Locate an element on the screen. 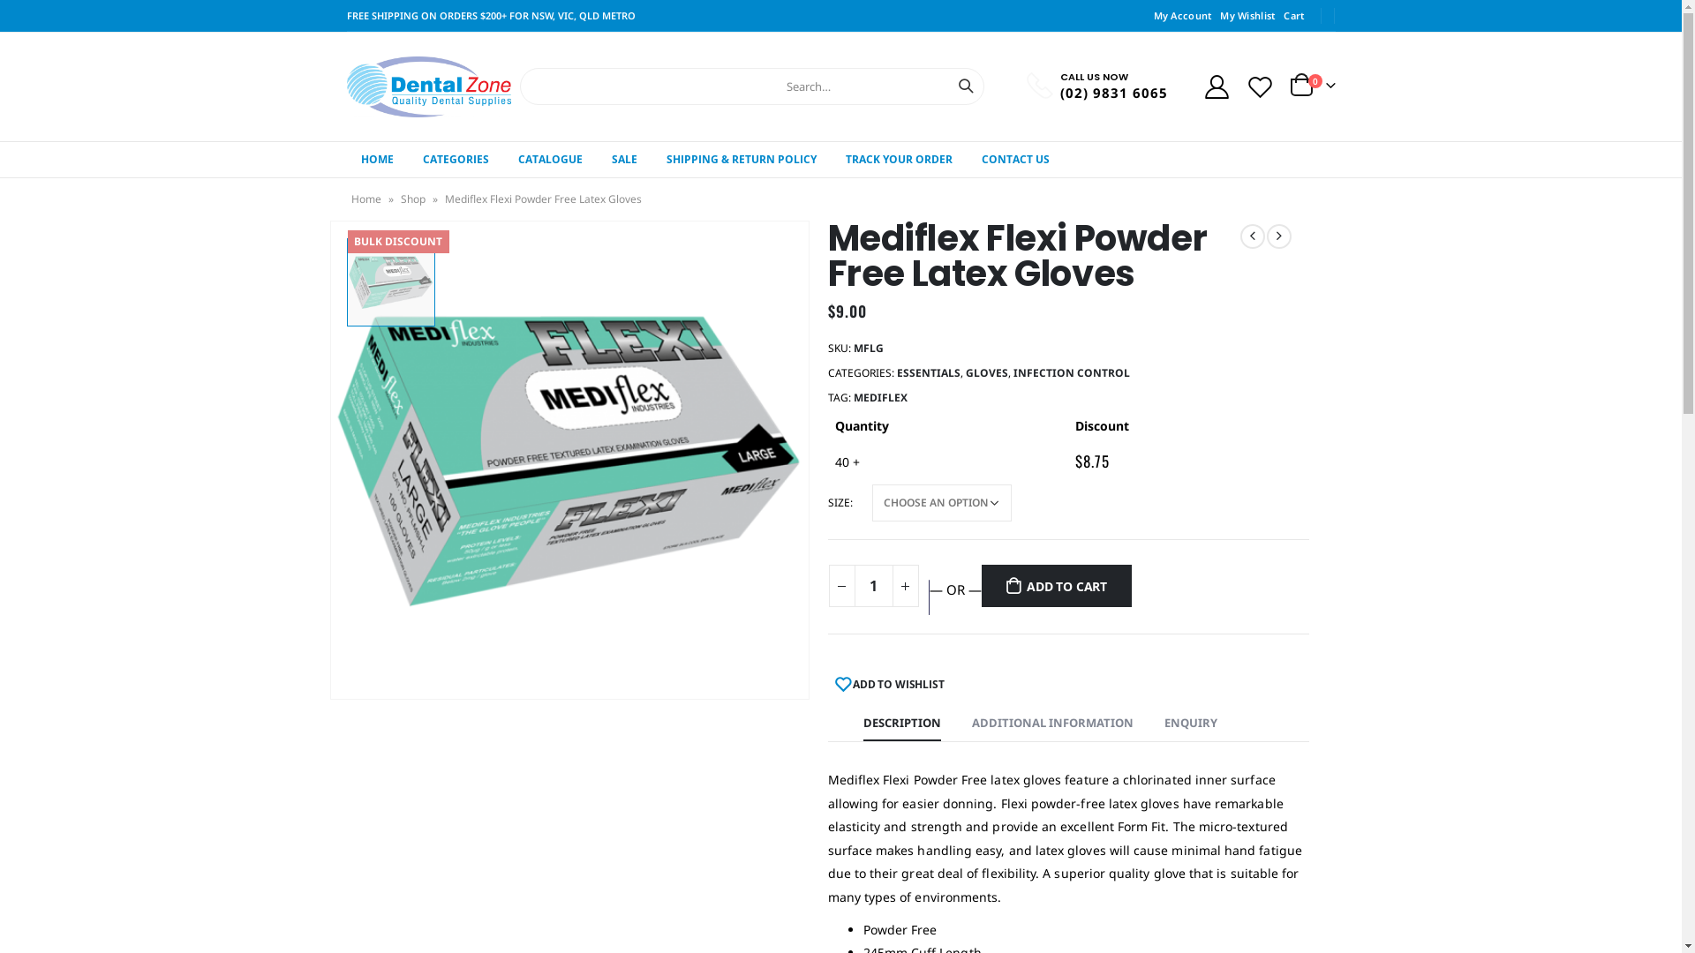  'MEDIFLEX' is located at coordinates (879, 398).